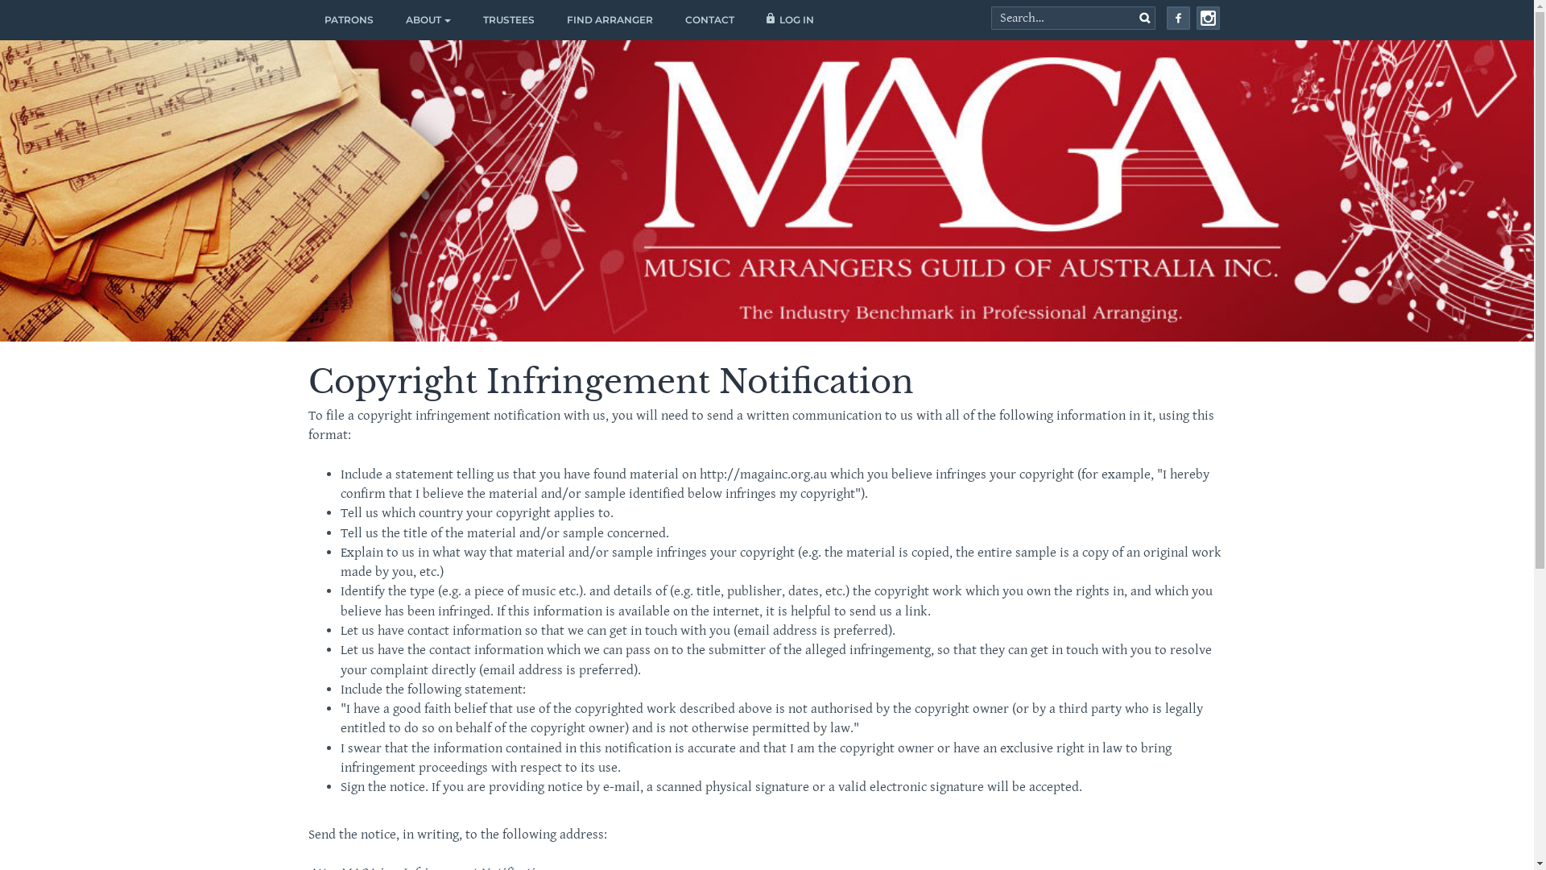 The width and height of the screenshot is (1546, 870). What do you see at coordinates (709, 19) in the screenshot?
I see `'CONTACT'` at bounding box center [709, 19].